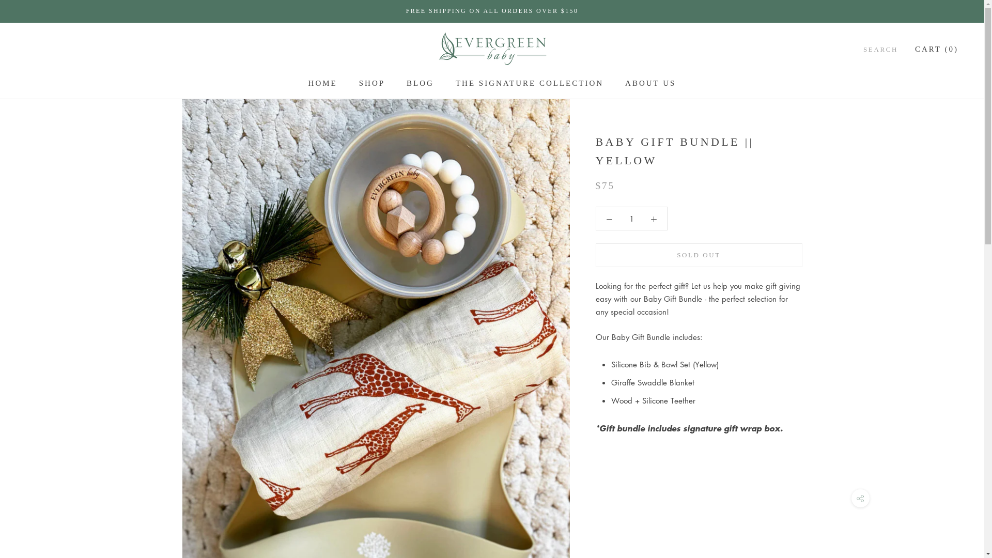  I want to click on 'HOME, so click(307, 83).